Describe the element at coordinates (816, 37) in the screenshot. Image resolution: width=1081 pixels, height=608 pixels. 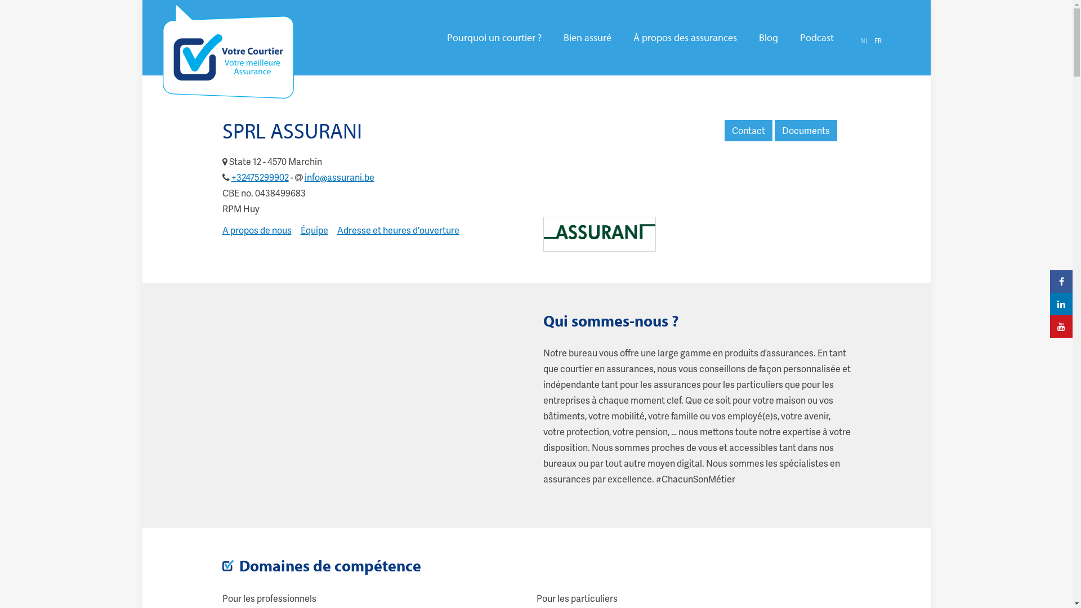
I see `'Podcast'` at that location.